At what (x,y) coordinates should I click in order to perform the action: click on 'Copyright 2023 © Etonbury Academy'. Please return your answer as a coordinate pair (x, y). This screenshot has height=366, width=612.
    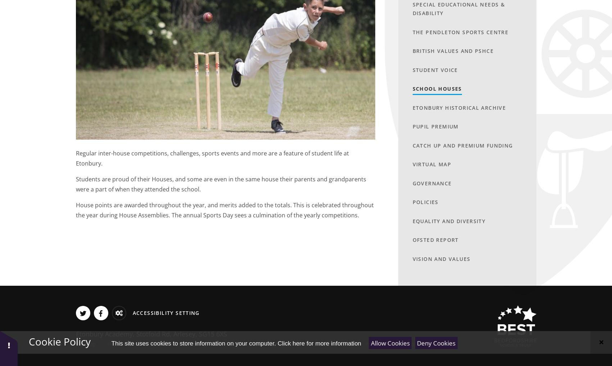
    Looking at the image, I should click on (308, 343).